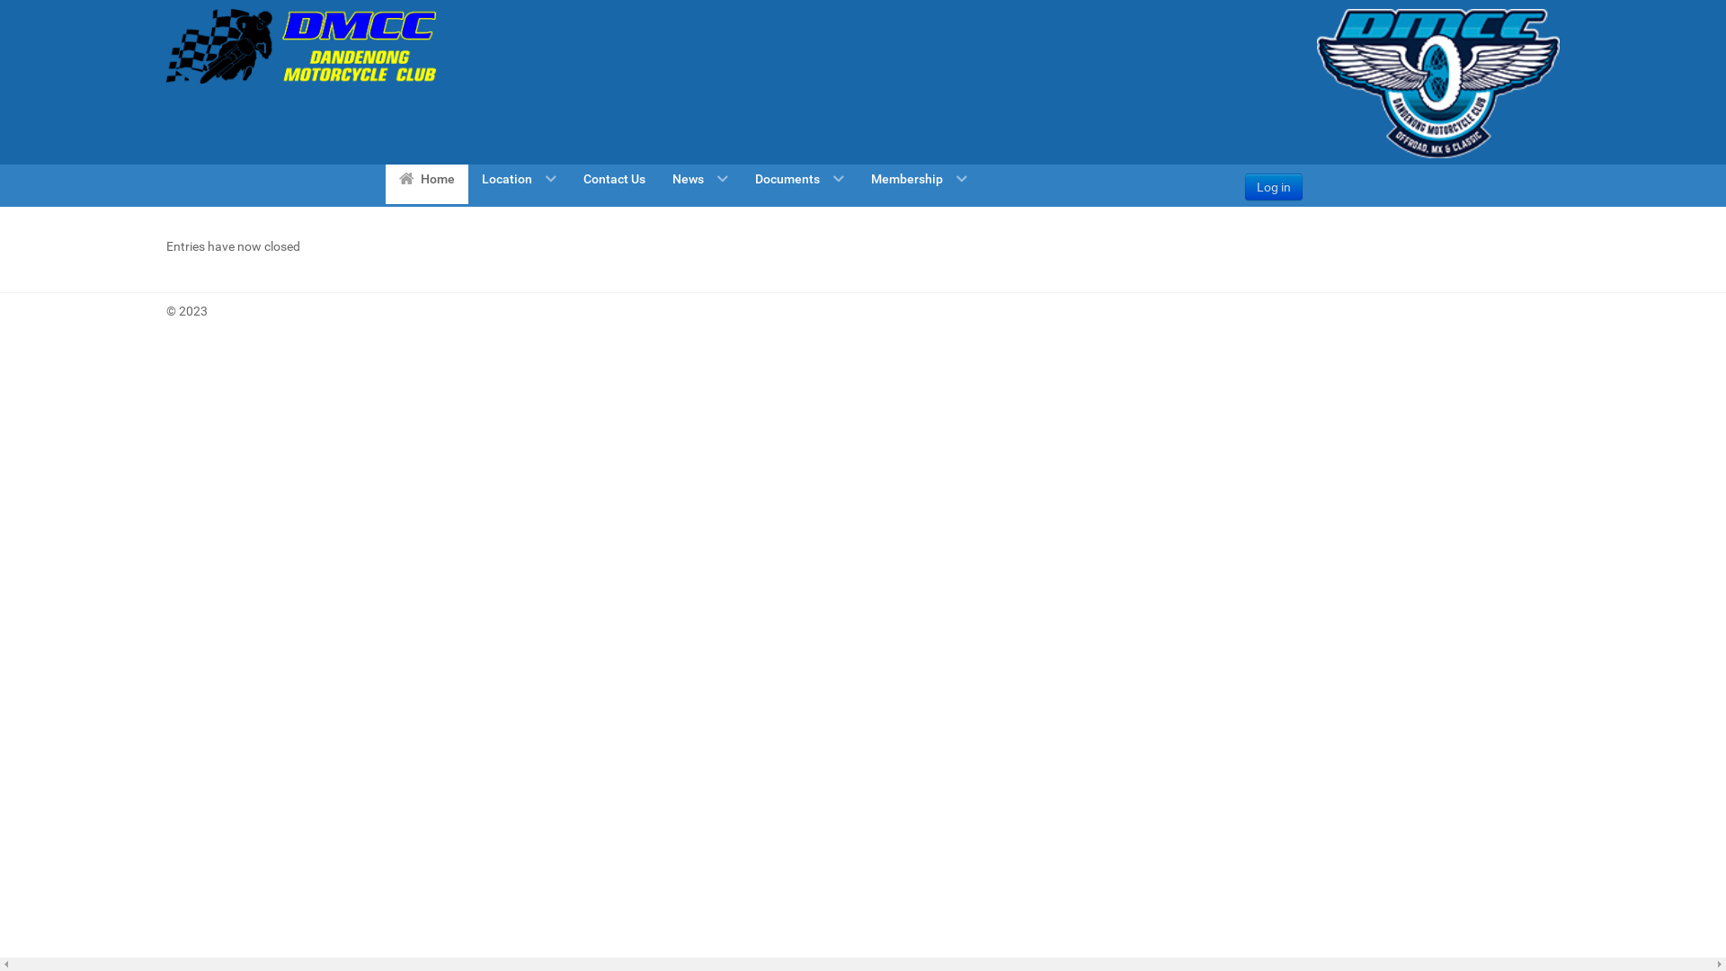 The image size is (1726, 971). Describe the element at coordinates (518, 177) in the screenshot. I see `'Location'` at that location.